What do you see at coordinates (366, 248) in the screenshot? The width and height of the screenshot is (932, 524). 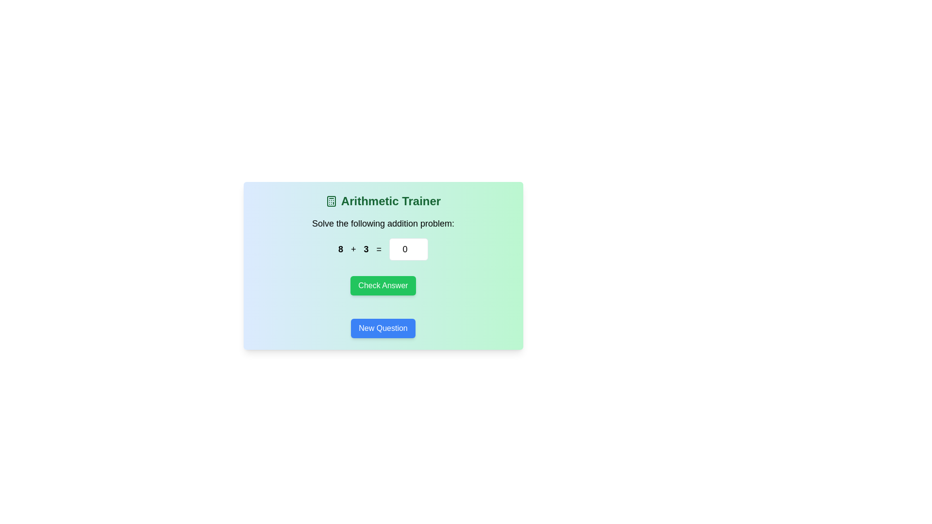 I see `the static text element displaying the number '3', which is located between the '+' symbol and the '=' symbol in the arithmetic equation` at bounding box center [366, 248].